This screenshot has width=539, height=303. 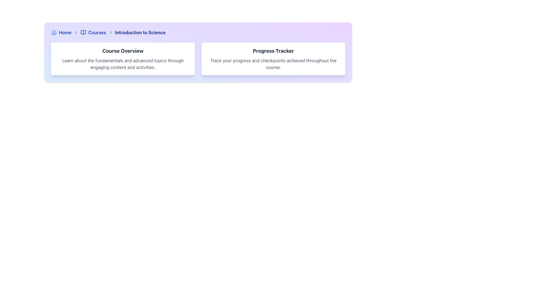 What do you see at coordinates (122, 51) in the screenshot?
I see `the 'Course Overview' text header, which is displayed in bold, large dark gray font at the top of a white card with rounded corners` at bounding box center [122, 51].